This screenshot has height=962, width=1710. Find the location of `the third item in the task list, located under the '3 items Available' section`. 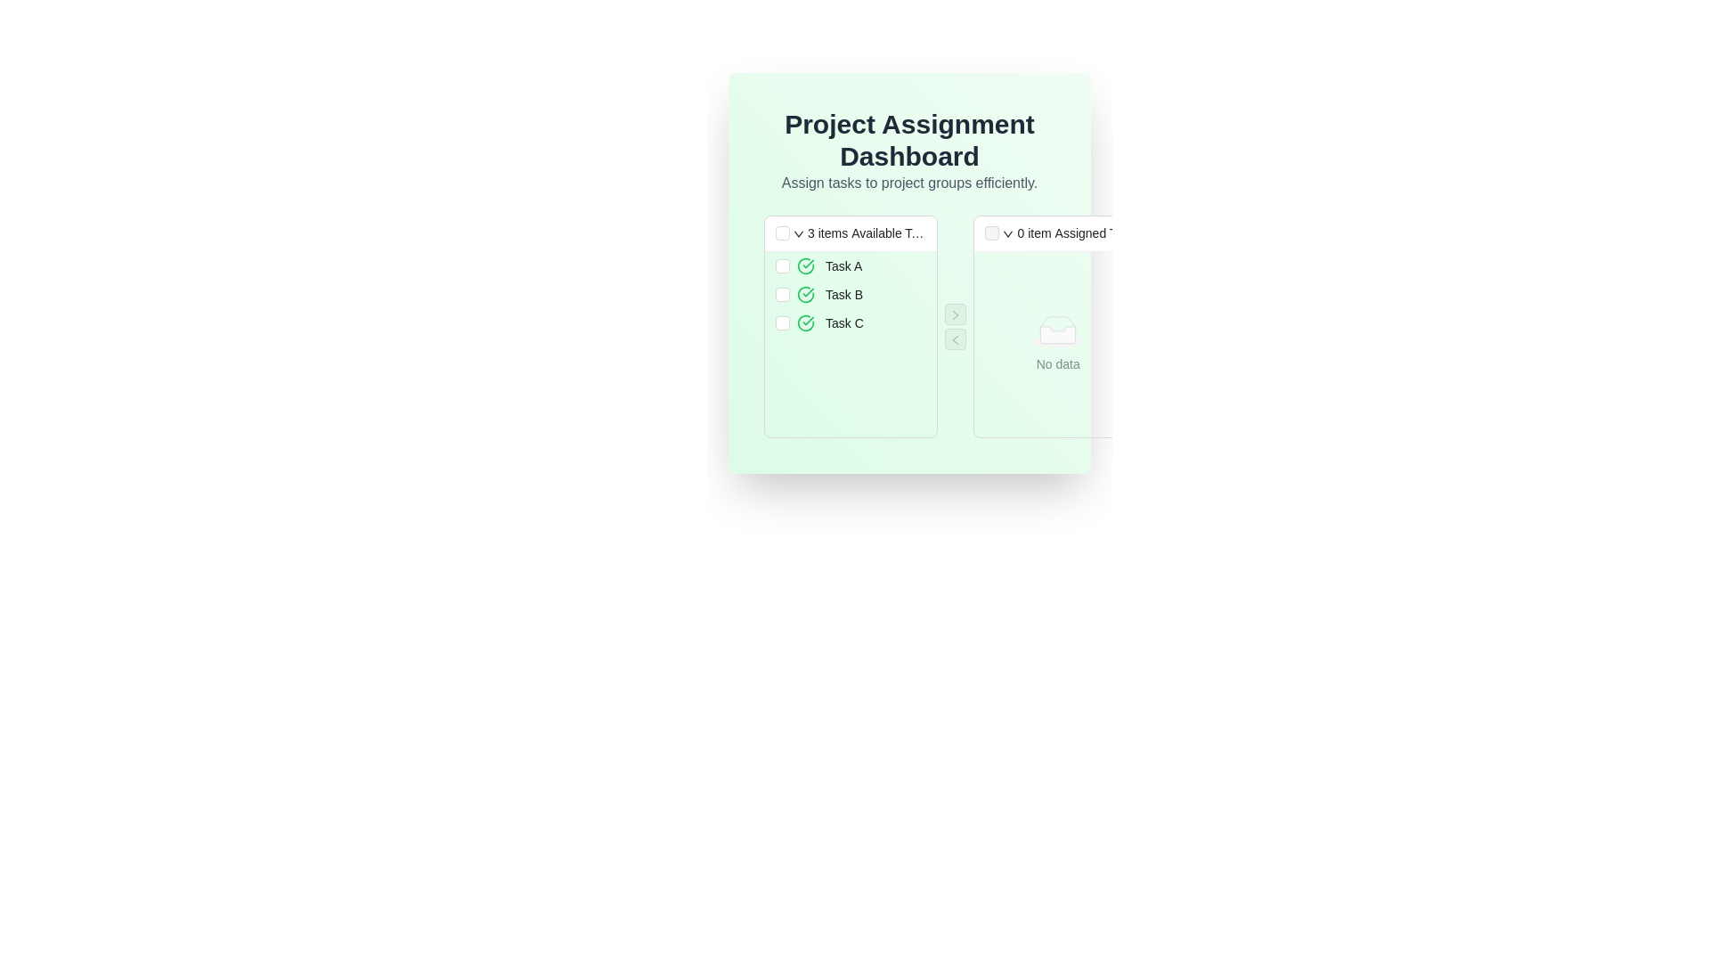

the third item in the task list, located under the '3 items Available' section is located at coordinates (850, 322).